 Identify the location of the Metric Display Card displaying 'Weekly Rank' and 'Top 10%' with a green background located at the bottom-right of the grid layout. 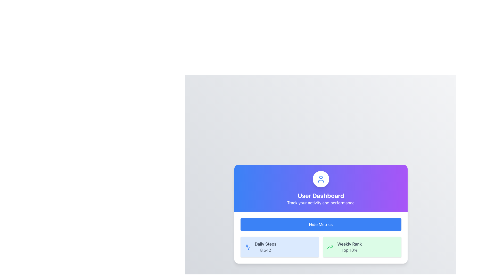
(362, 247).